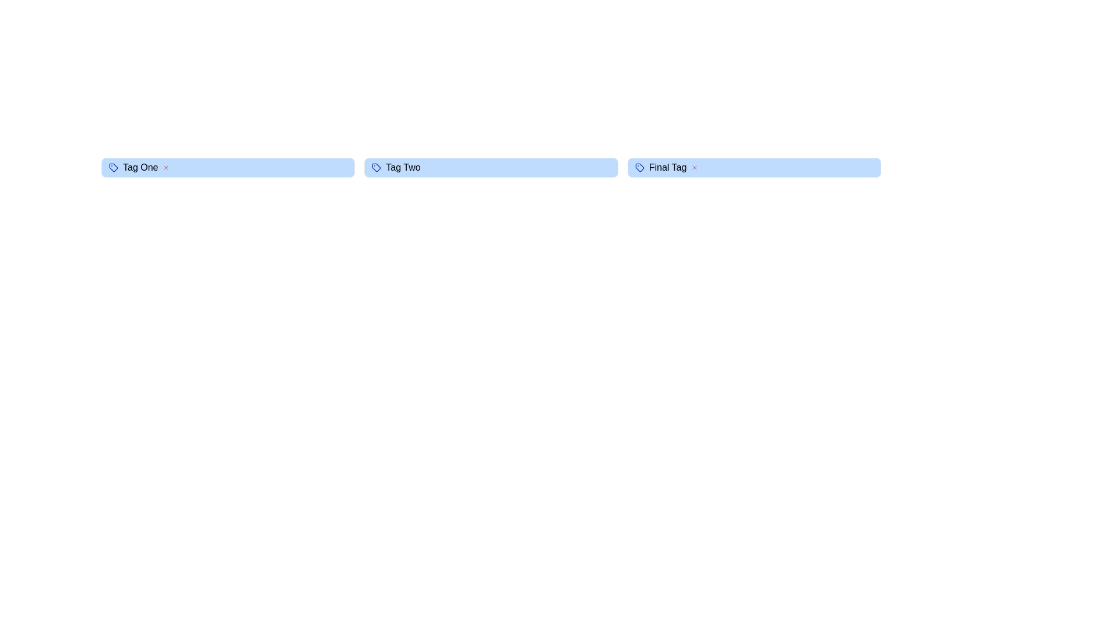  I want to click on the blue tag-like icon located to the left of the text label 'Tag One', so click(114, 168).